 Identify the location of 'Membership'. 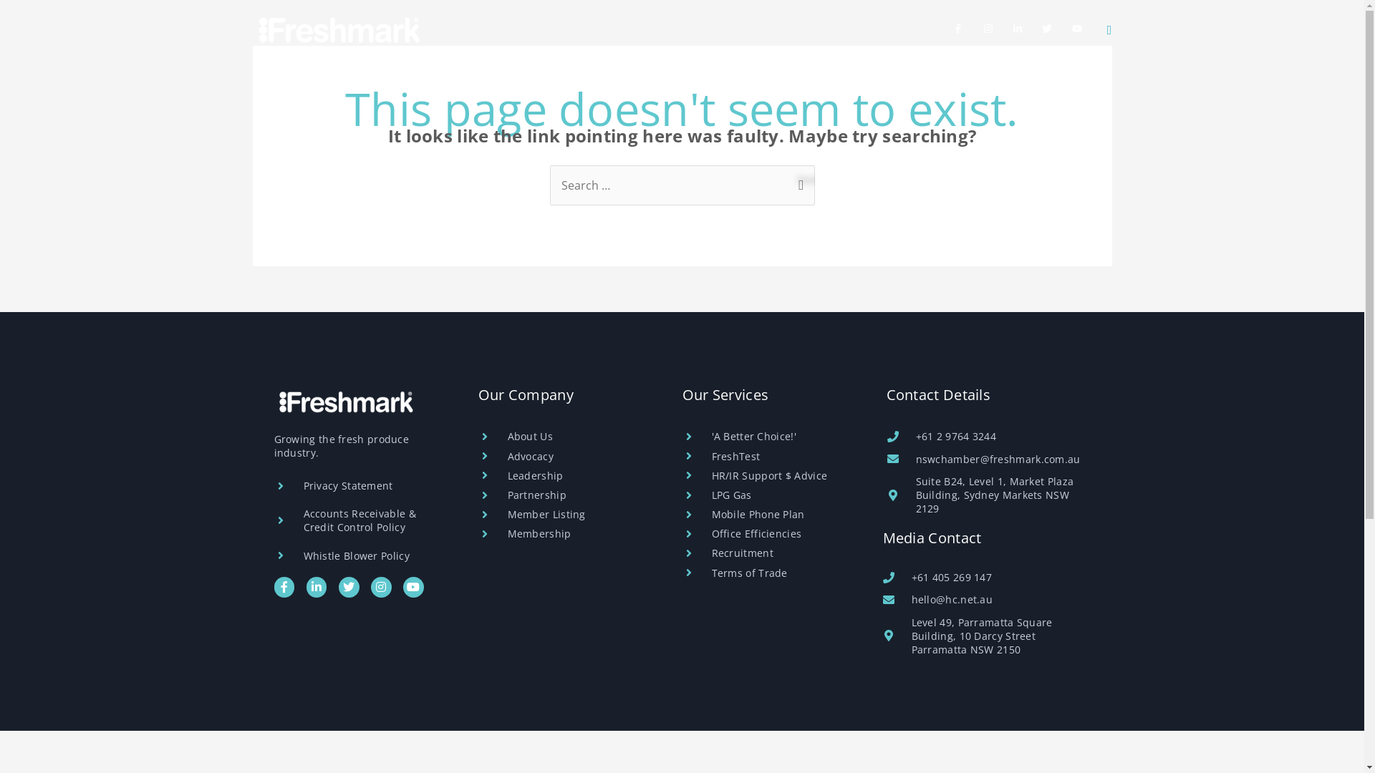
(565, 533).